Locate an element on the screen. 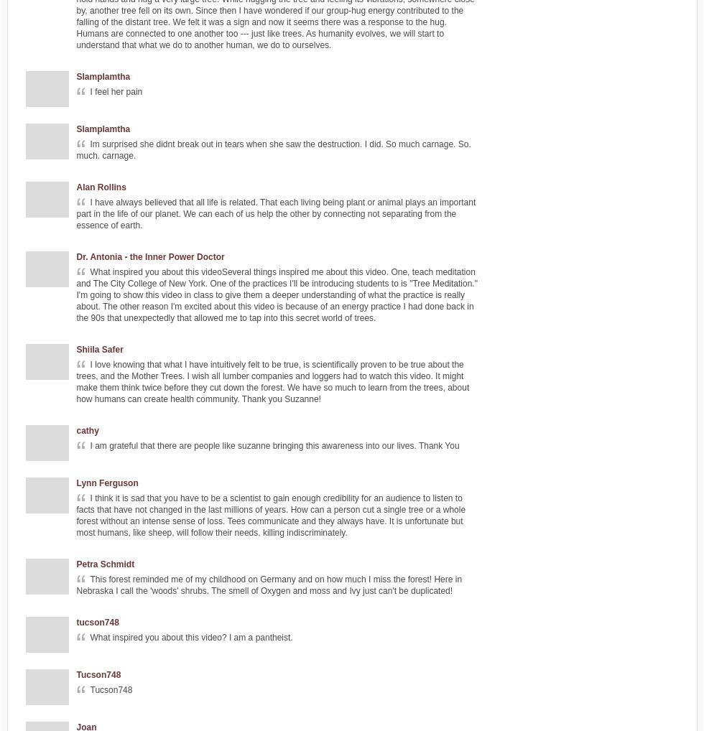  'I have always believed that all life is related. That each living being plant or animal plays an important part in the life of our planet. We can each of us help the other by connecting not separating from the essence of earth.' is located at coordinates (76, 213).